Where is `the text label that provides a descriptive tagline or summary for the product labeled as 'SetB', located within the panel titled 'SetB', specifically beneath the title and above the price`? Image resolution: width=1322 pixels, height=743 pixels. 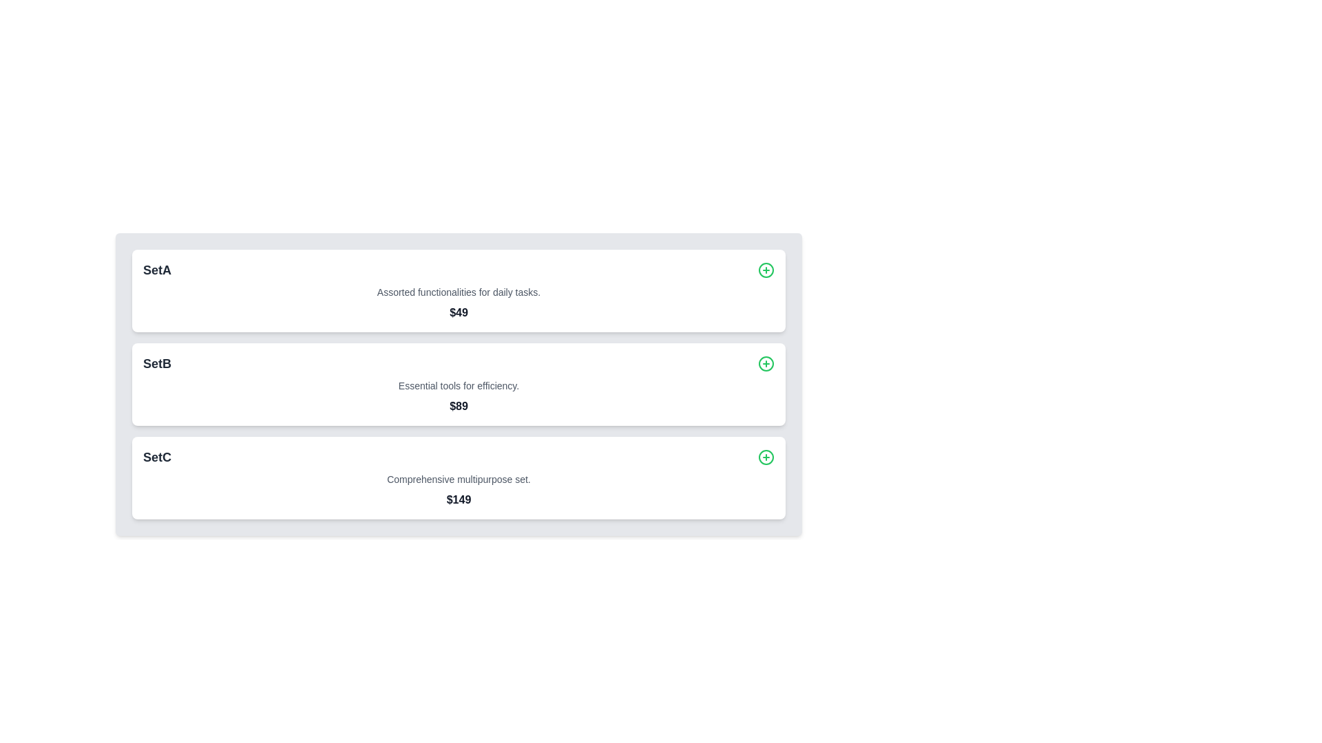
the text label that provides a descriptive tagline or summary for the product labeled as 'SetB', located within the panel titled 'SetB', specifically beneath the title and above the price is located at coordinates (459, 385).